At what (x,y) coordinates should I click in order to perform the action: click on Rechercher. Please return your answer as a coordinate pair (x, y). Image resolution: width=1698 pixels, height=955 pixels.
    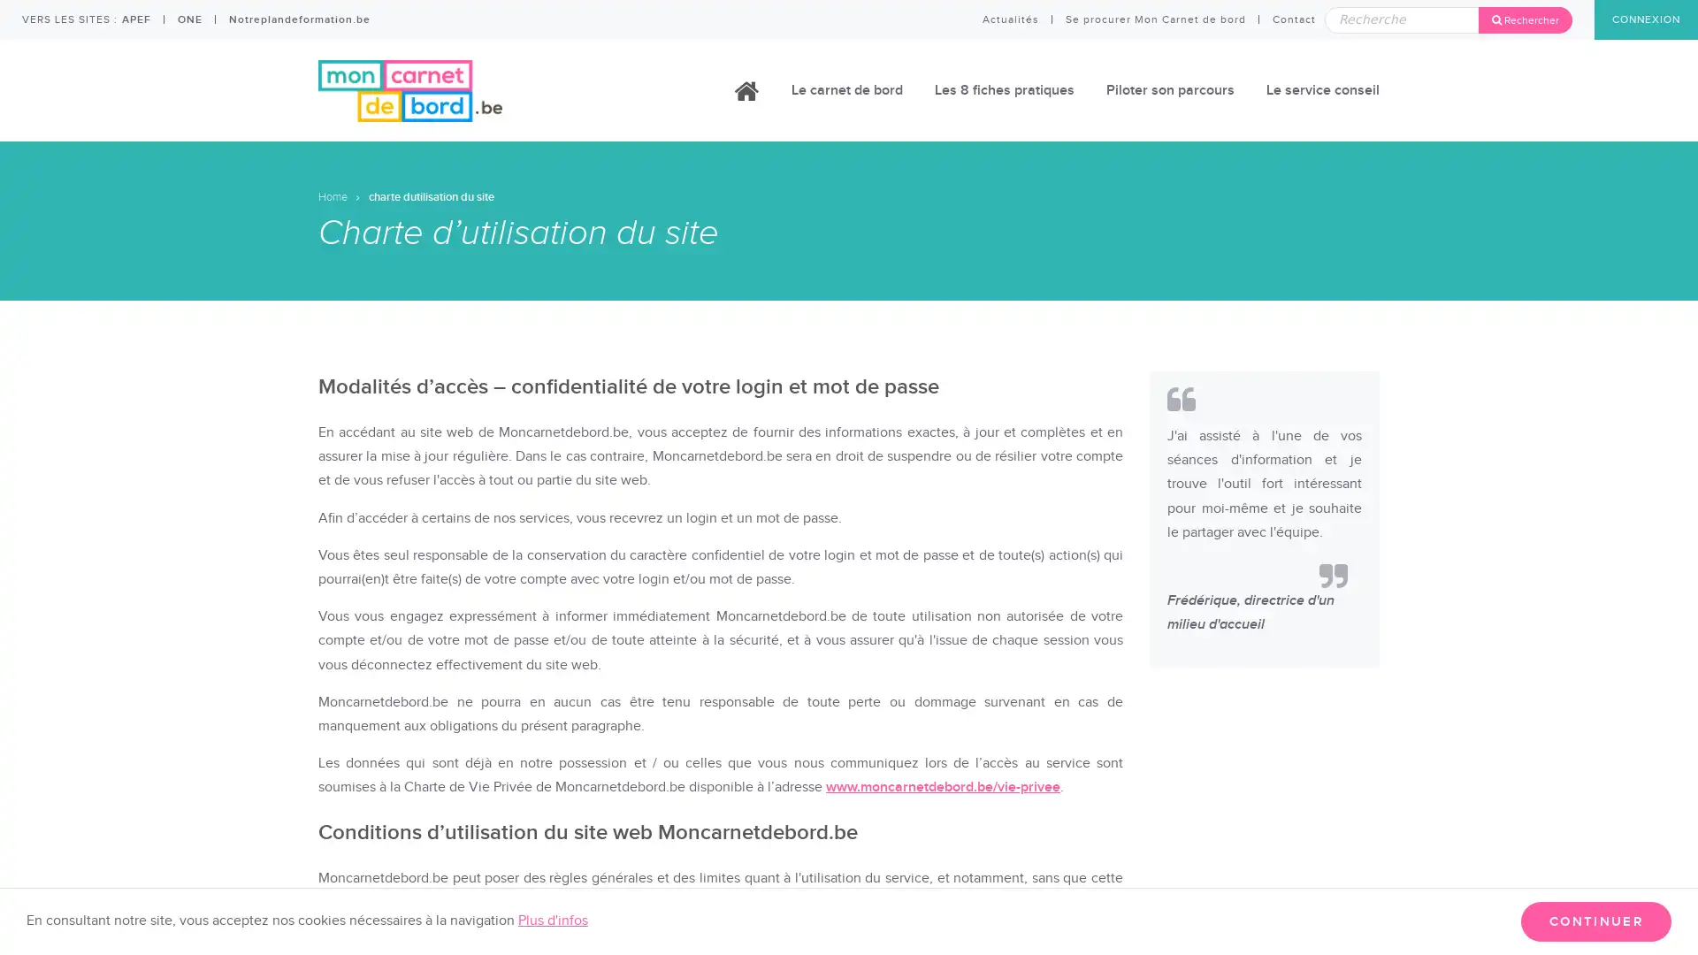
    Looking at the image, I should click on (1524, 19).